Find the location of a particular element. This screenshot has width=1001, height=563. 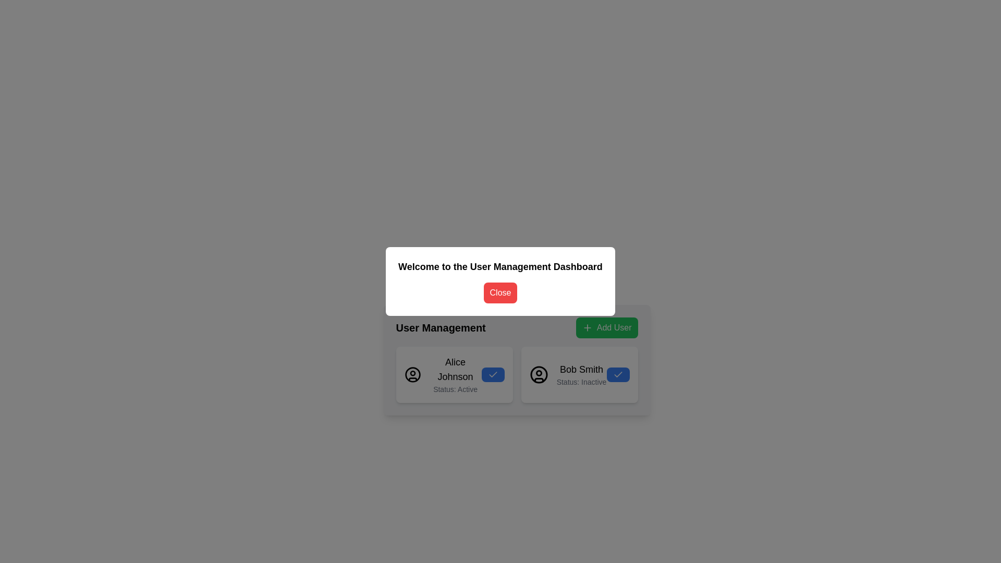

the 'Status: Active' text label, which is positioned below the user's name 'Alice Johnson' and is displayed in a small, gray font is located at coordinates (455, 389).